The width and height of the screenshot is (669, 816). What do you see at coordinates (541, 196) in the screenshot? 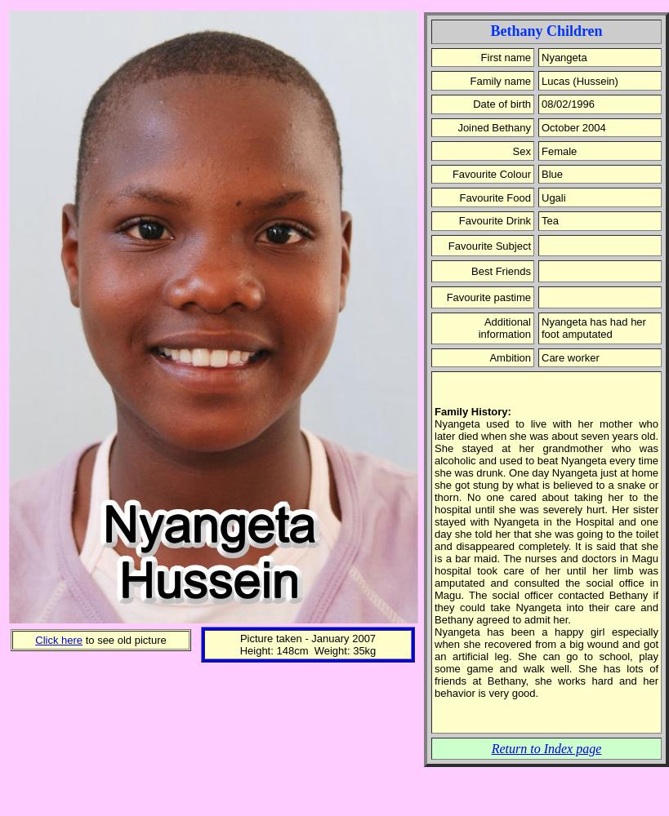
I see `'Ugali'` at bounding box center [541, 196].